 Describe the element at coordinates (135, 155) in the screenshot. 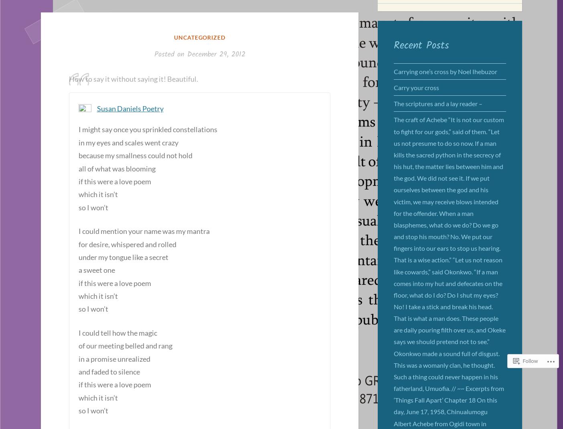

I see `'because my smallness could not hold'` at that location.